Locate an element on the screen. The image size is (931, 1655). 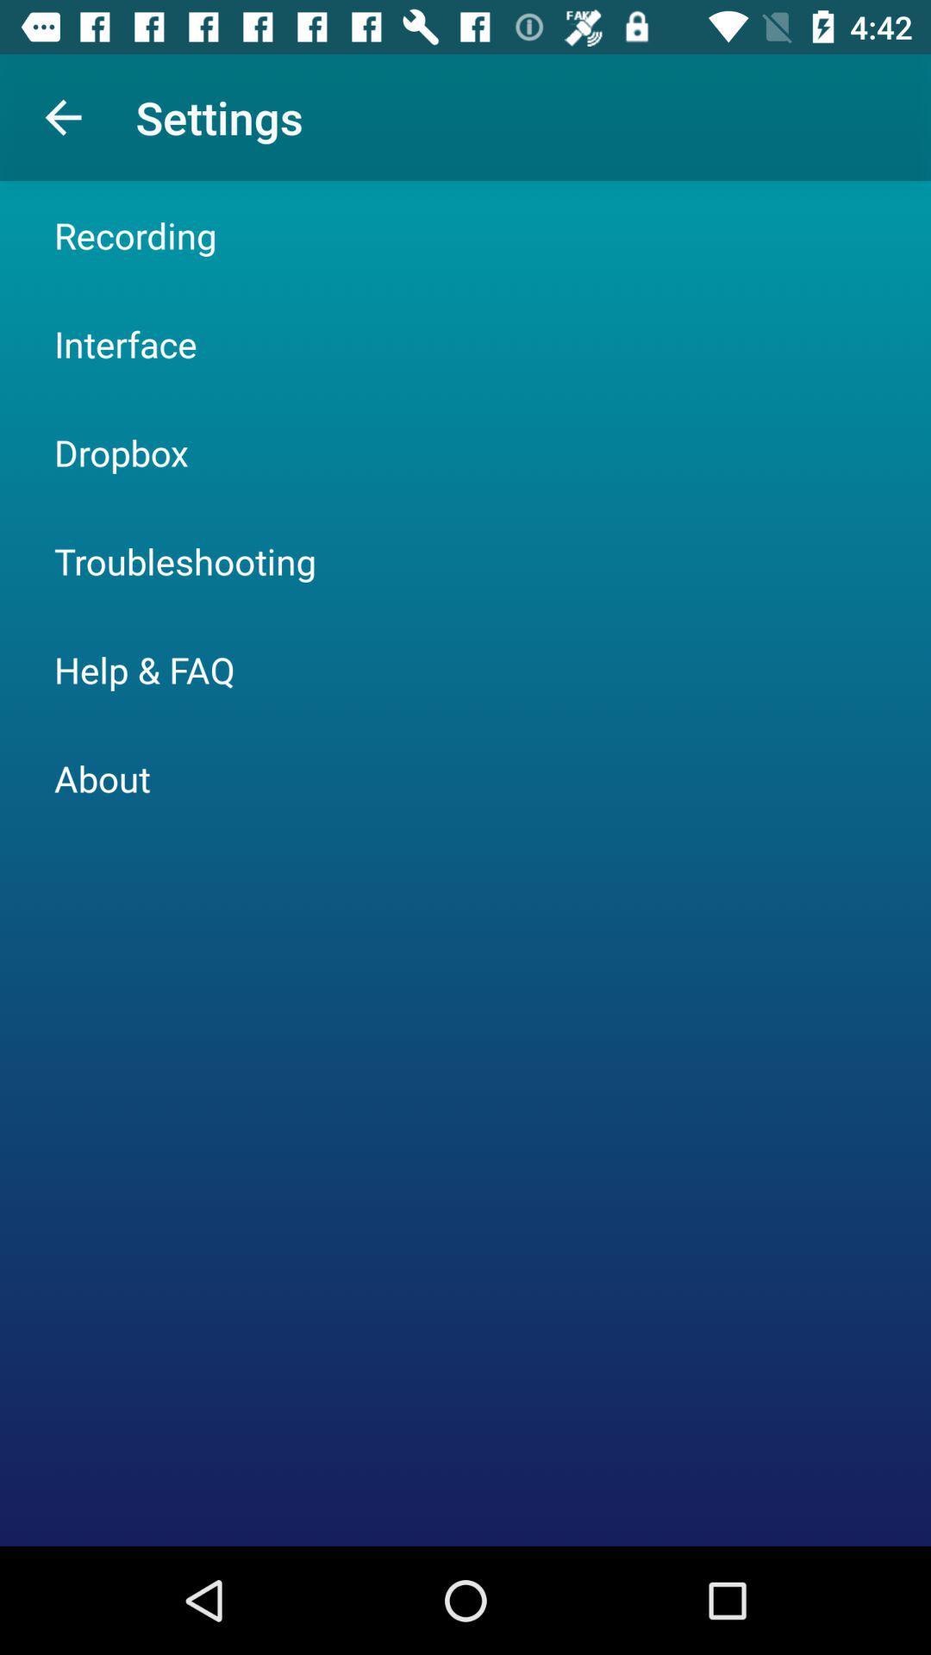
the dropbox is located at coordinates (121, 452).